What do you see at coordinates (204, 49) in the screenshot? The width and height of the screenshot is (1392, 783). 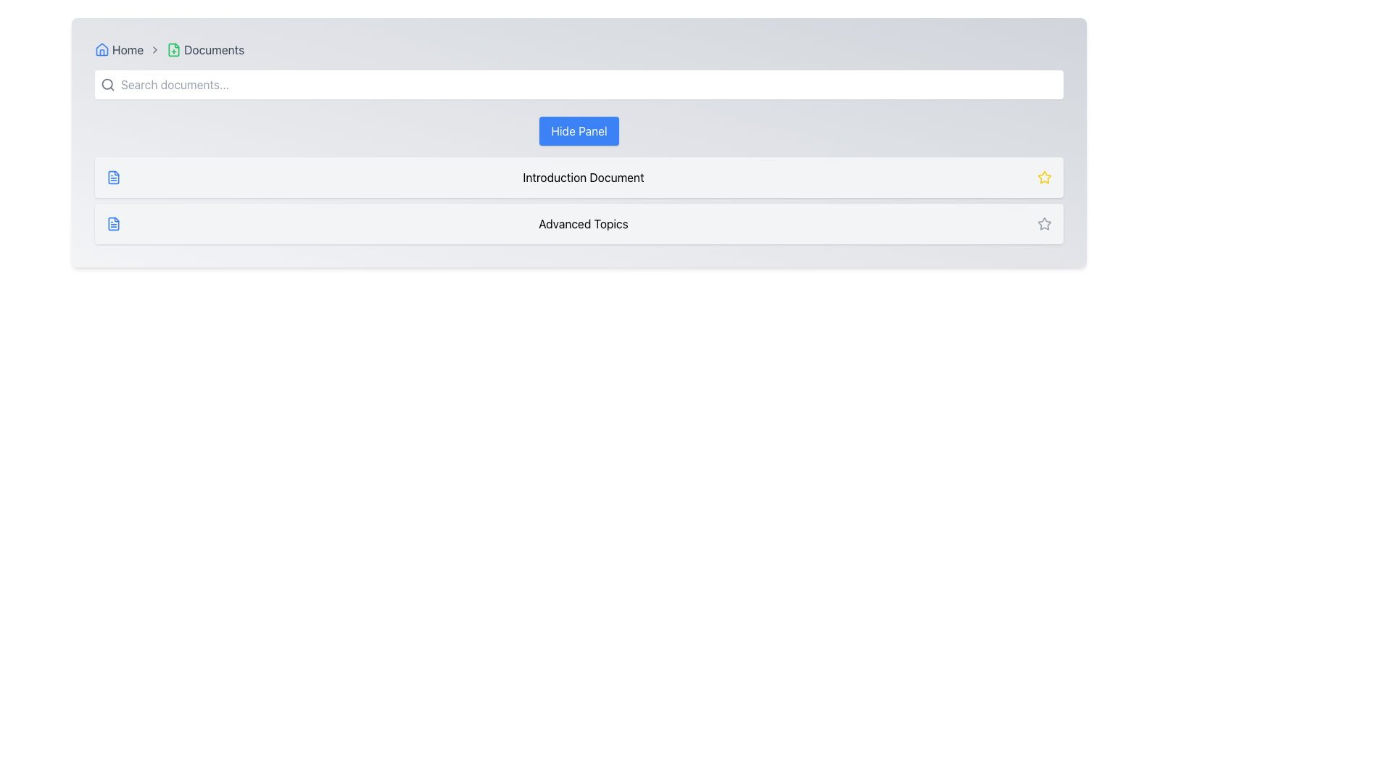 I see `the Text Label that indicates the current section 'Documents' in the breadcrumbs navigation bar, located to the right of the 'Home' label` at bounding box center [204, 49].